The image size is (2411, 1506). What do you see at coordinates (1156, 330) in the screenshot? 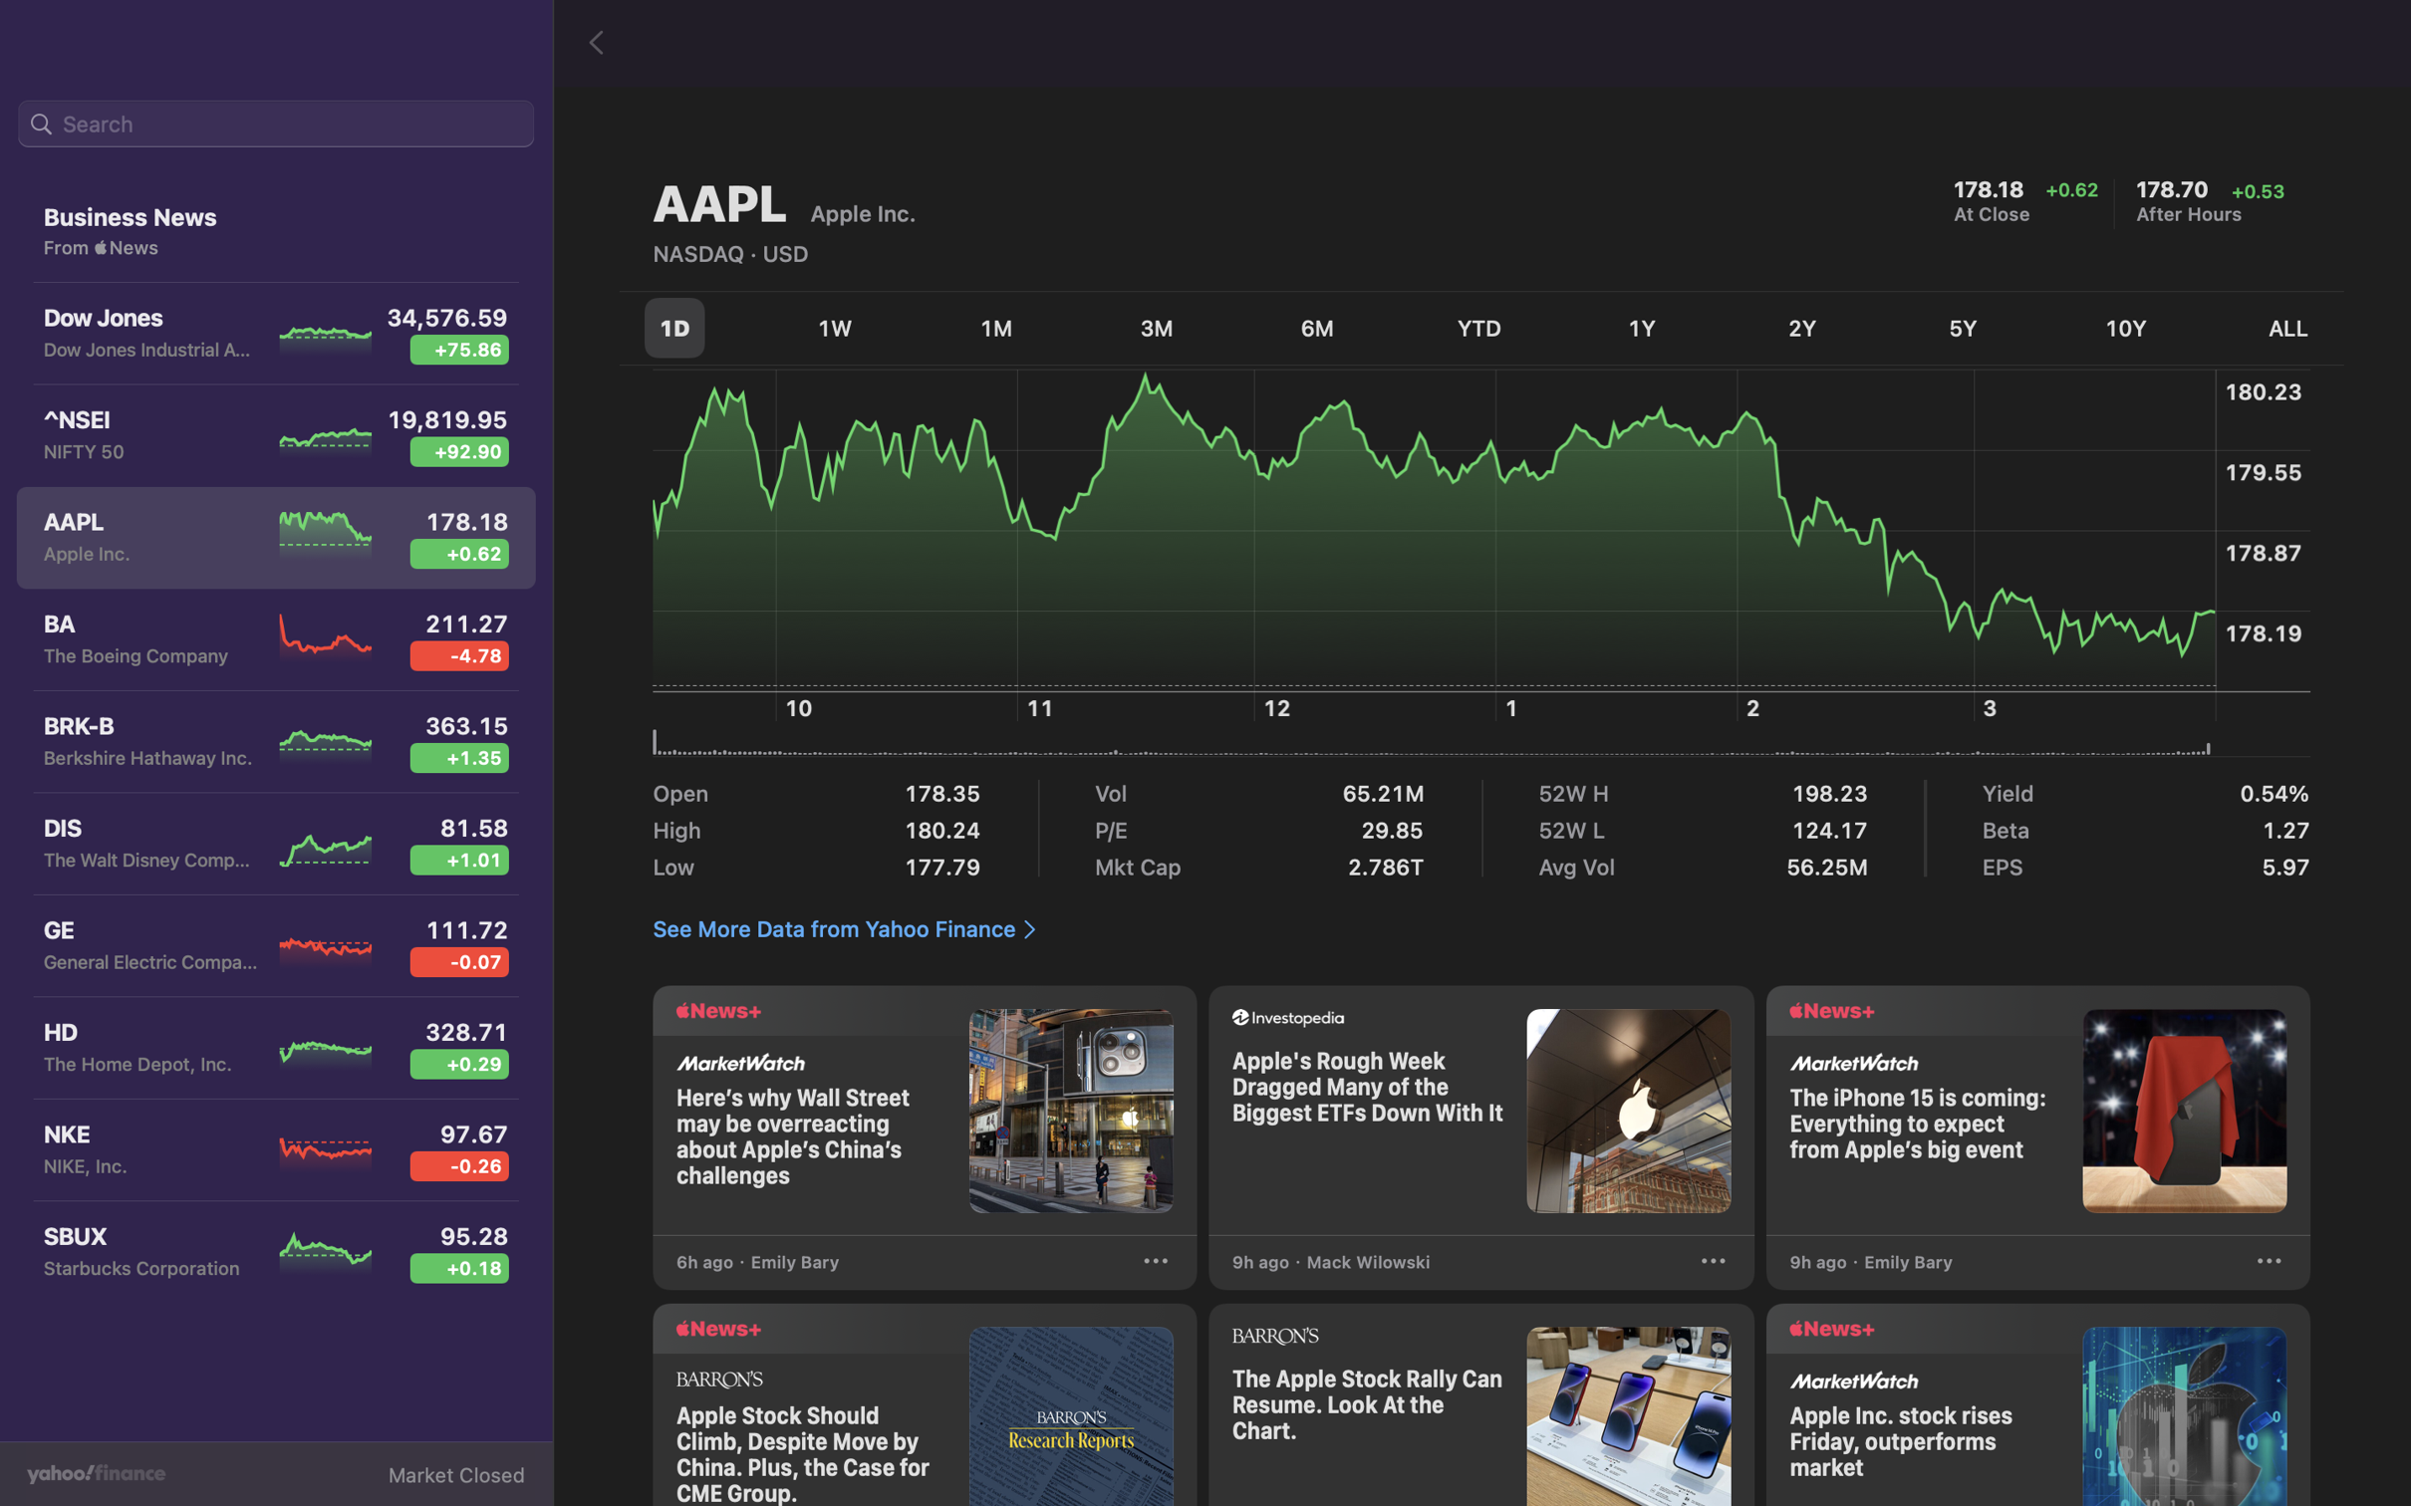
I see `Check the stock fluctuation for the last quarter` at bounding box center [1156, 330].